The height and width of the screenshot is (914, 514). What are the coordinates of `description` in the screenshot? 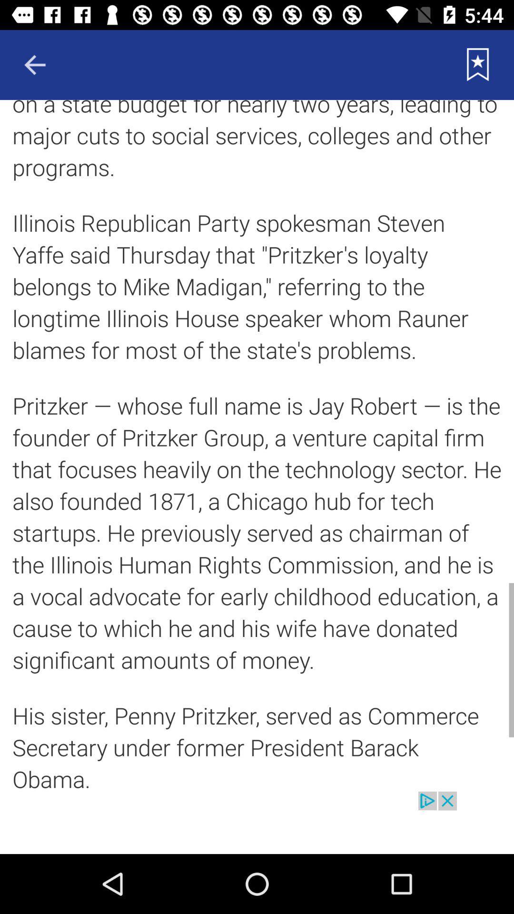 It's located at (257, 445).